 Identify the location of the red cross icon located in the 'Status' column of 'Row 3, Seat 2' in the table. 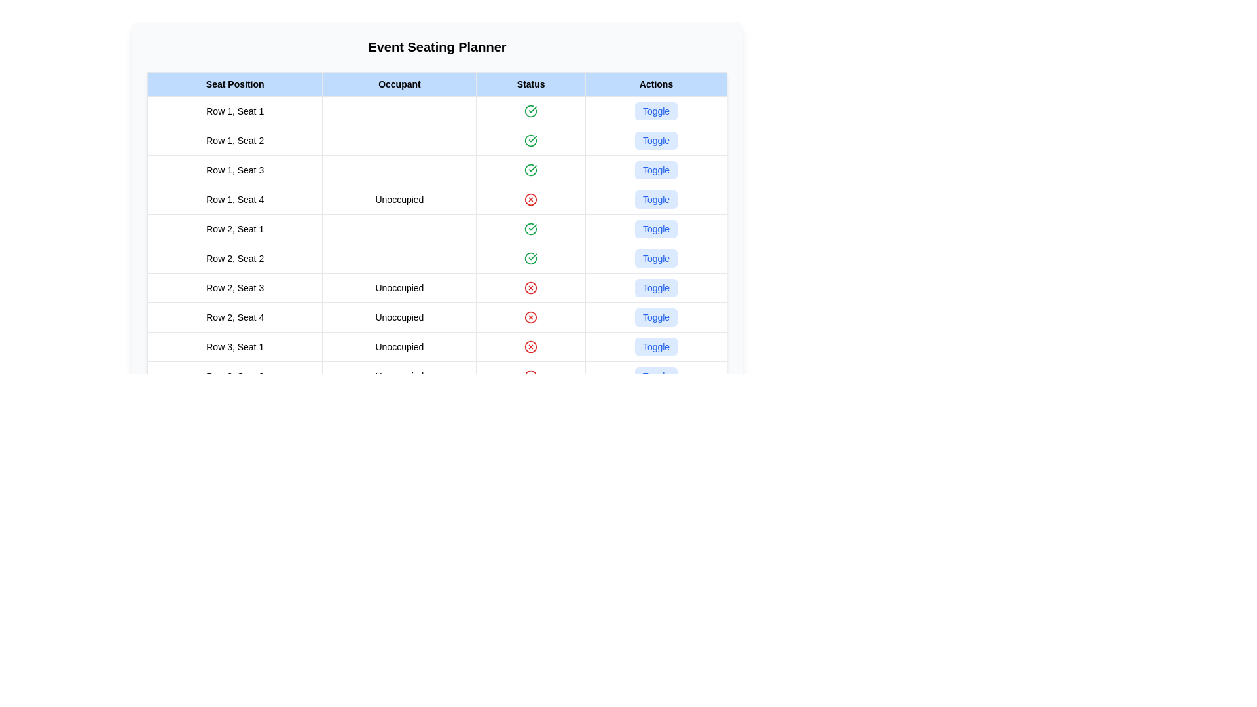
(531, 376).